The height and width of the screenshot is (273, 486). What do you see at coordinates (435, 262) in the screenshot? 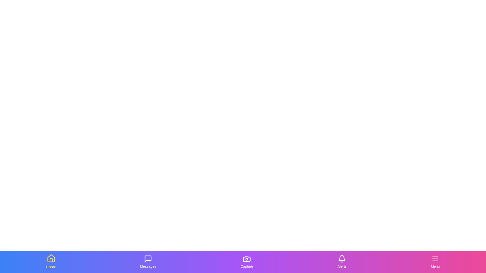
I see `the Menu tab by clicking on its icon or label` at bounding box center [435, 262].